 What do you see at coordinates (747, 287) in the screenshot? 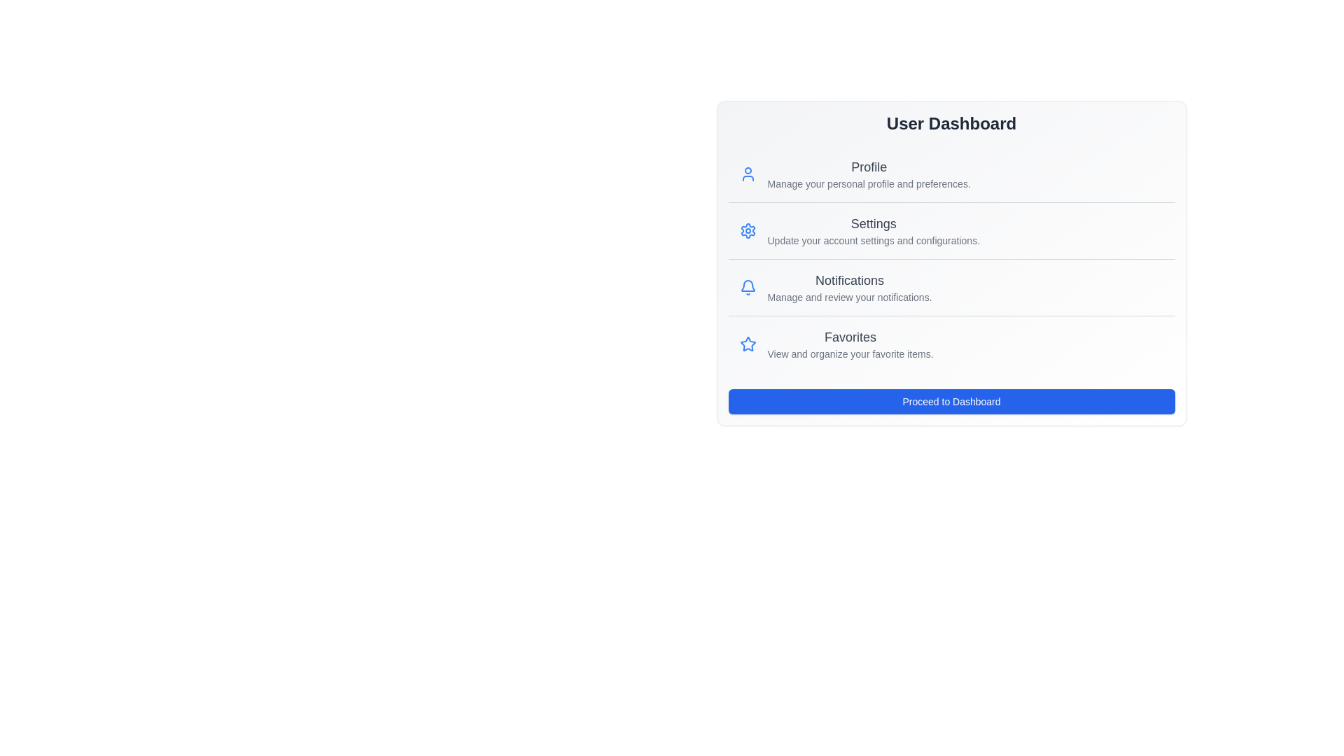
I see `the bell icon` at bounding box center [747, 287].